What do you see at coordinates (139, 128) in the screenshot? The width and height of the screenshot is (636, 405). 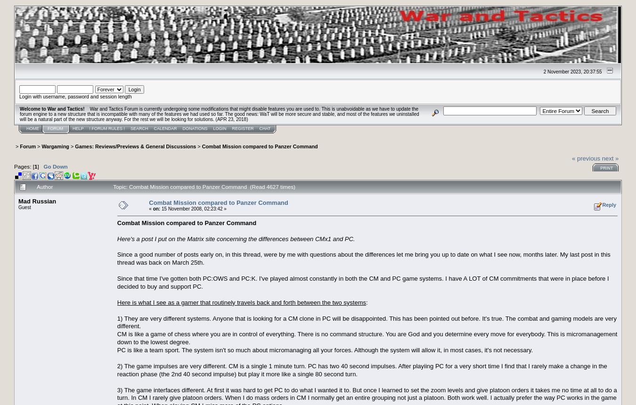 I see `'Search'` at bounding box center [139, 128].